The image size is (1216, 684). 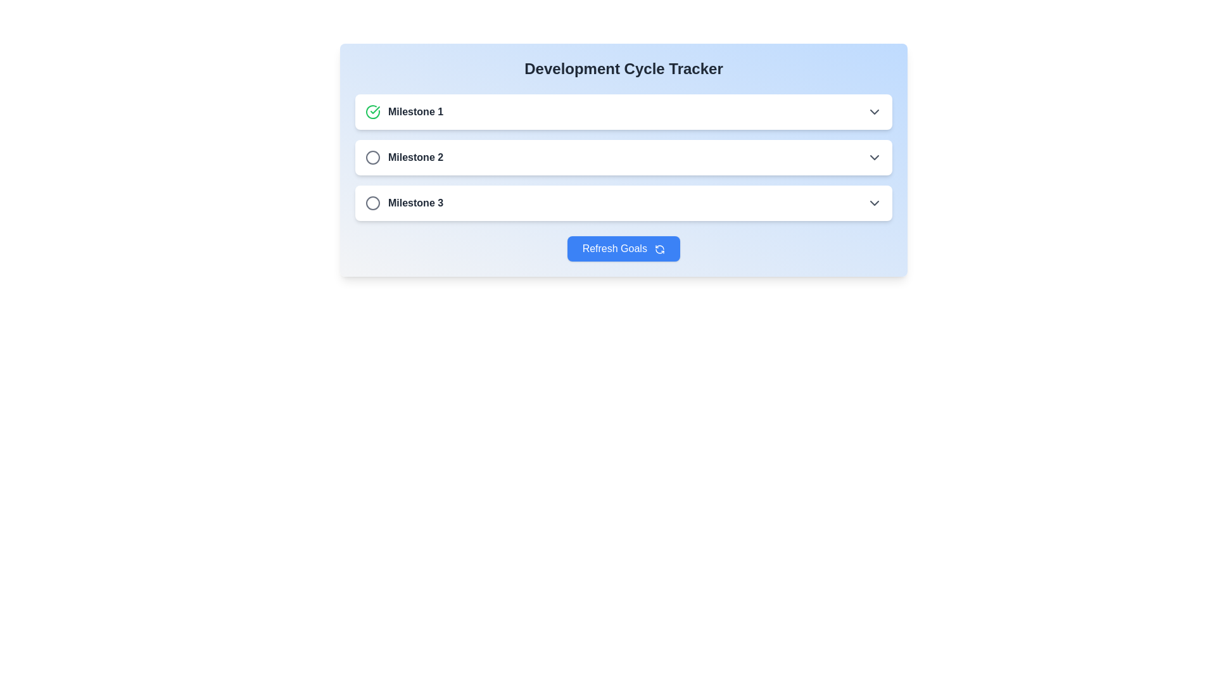 What do you see at coordinates (874, 202) in the screenshot?
I see `the toggle icon located to the right of the 'Milestone 3' text to indicate and toggle its drop-down state` at bounding box center [874, 202].